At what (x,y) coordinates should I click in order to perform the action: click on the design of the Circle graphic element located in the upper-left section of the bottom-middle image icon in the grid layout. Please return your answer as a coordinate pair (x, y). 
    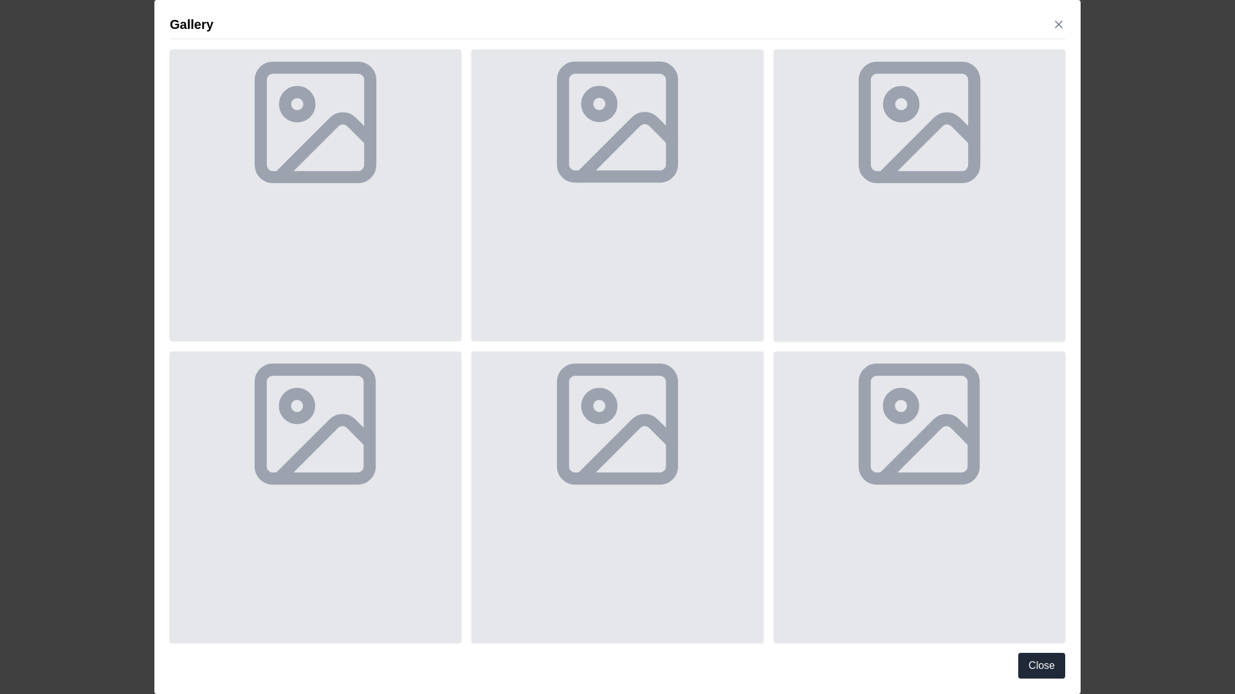
    Looking at the image, I should click on (598, 405).